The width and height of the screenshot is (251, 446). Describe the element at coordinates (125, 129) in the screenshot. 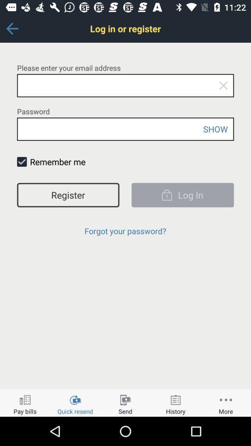

I see `password` at that location.